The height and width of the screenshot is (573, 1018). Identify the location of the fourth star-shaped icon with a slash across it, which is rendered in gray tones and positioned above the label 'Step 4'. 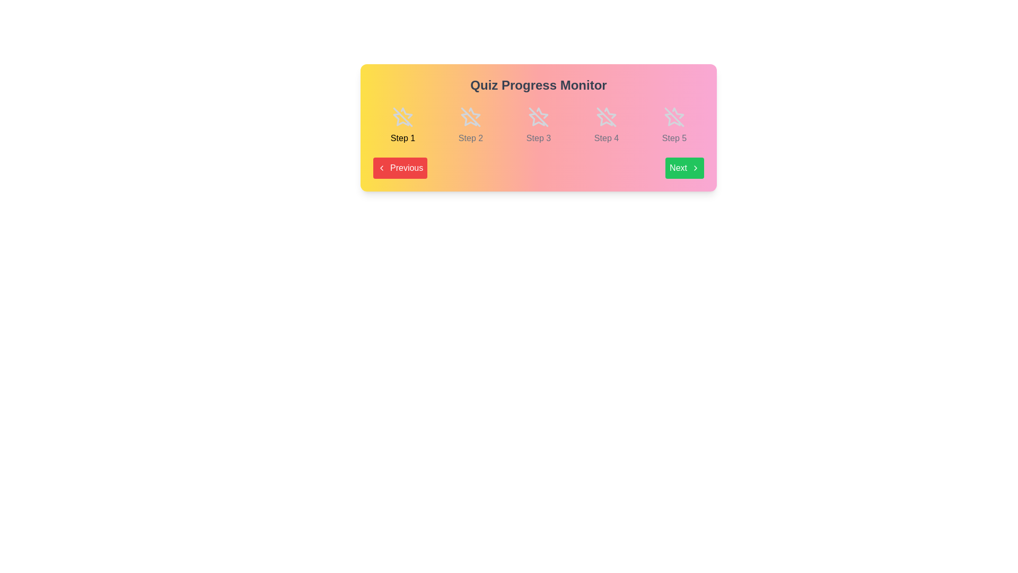
(606, 117).